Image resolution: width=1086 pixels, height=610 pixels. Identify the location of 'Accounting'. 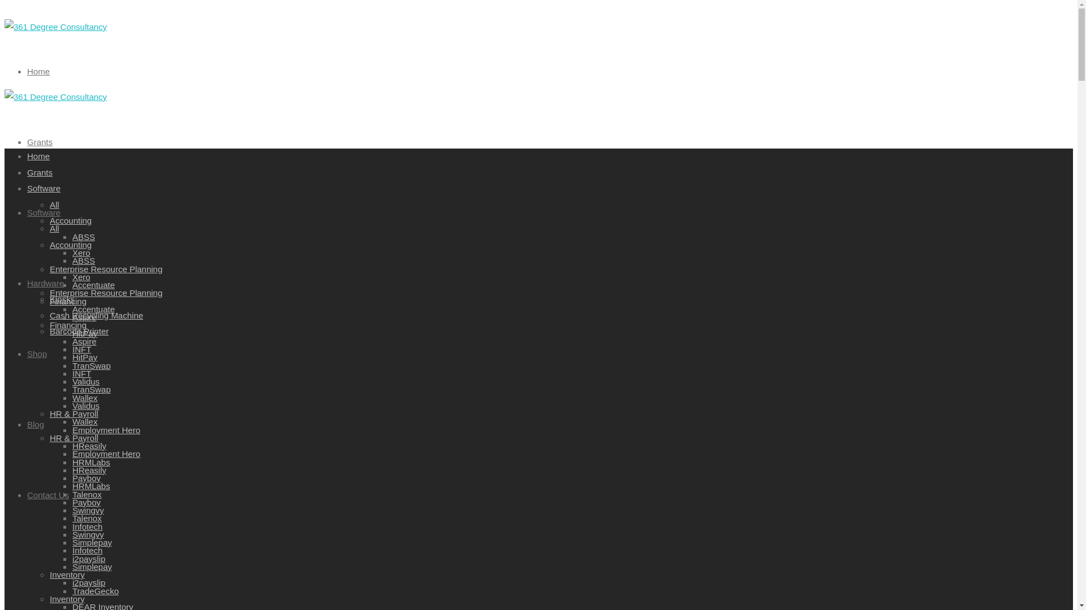
(70, 220).